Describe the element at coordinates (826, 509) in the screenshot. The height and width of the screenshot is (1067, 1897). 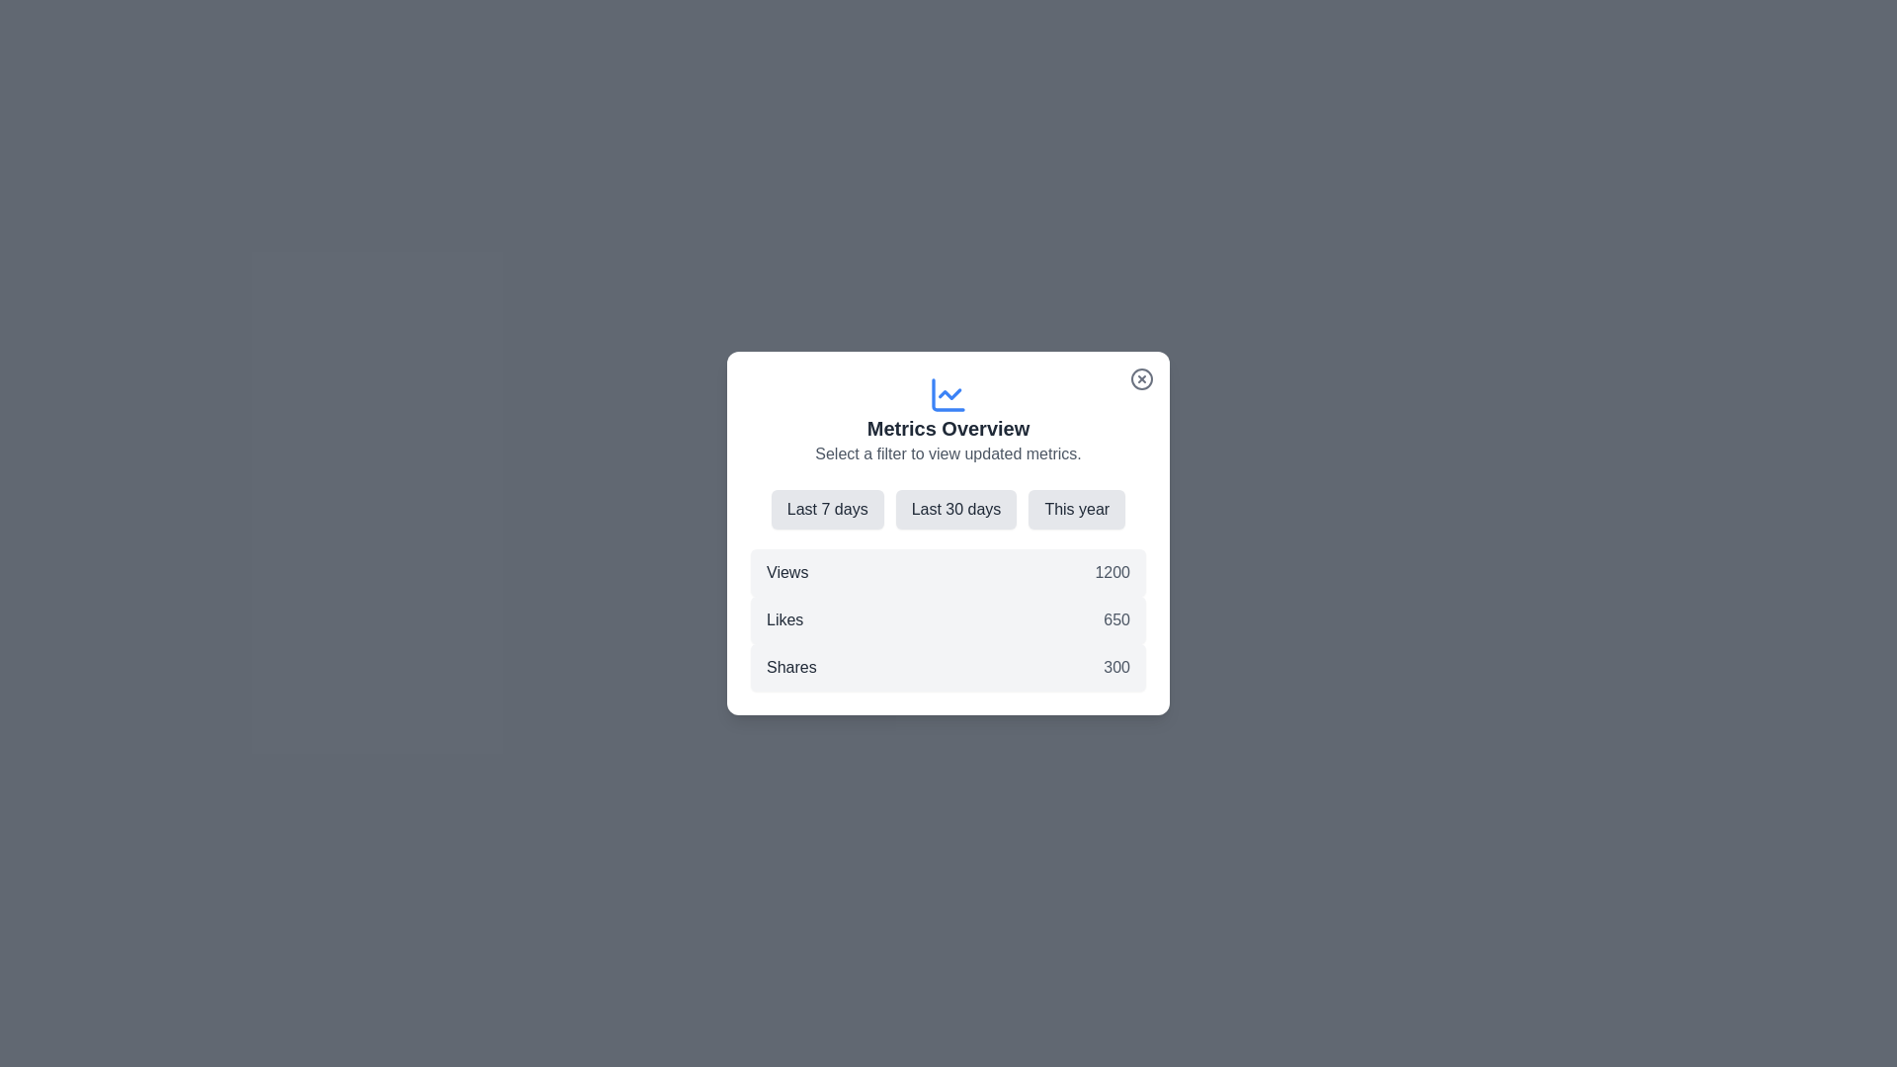
I see `the filter Last 7 days by clicking on the corresponding button` at that location.